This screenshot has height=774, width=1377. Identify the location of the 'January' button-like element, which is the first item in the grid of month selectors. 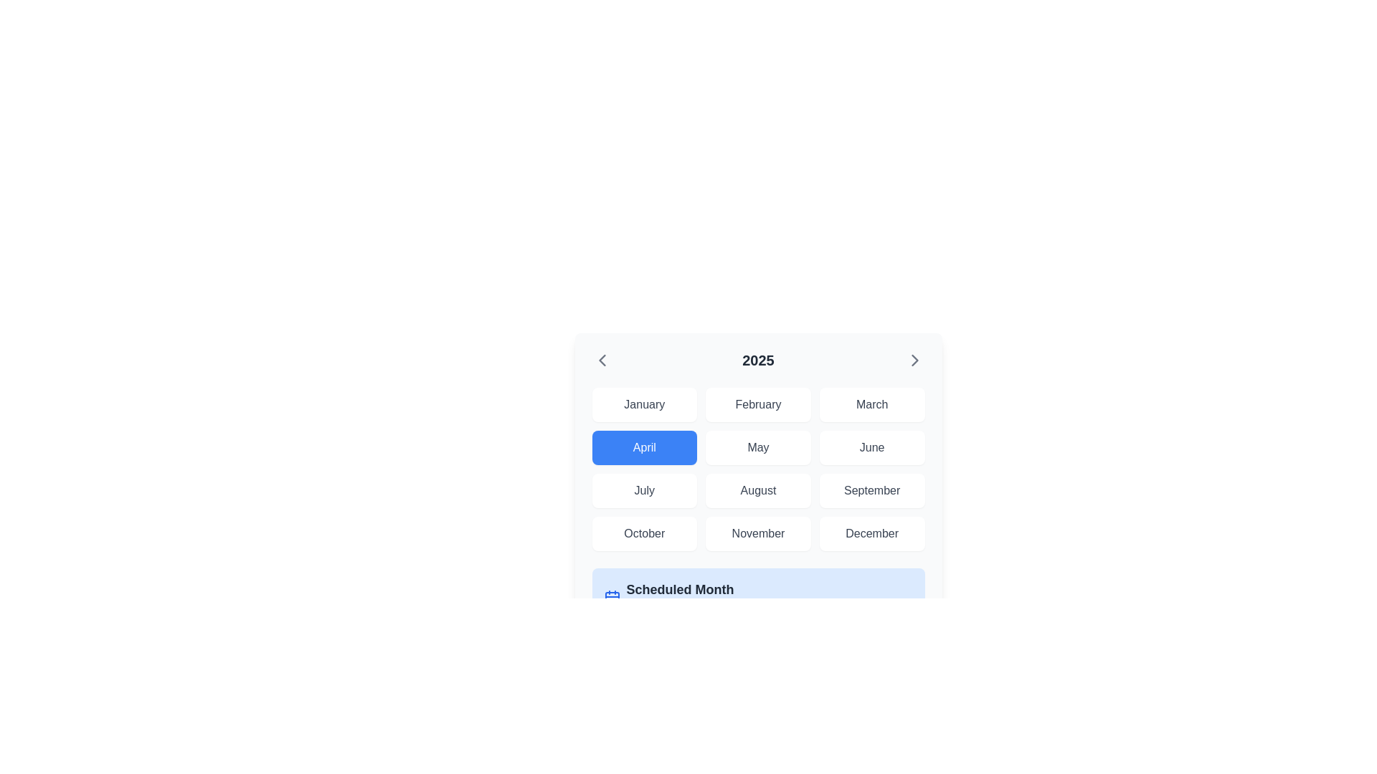
(643, 404).